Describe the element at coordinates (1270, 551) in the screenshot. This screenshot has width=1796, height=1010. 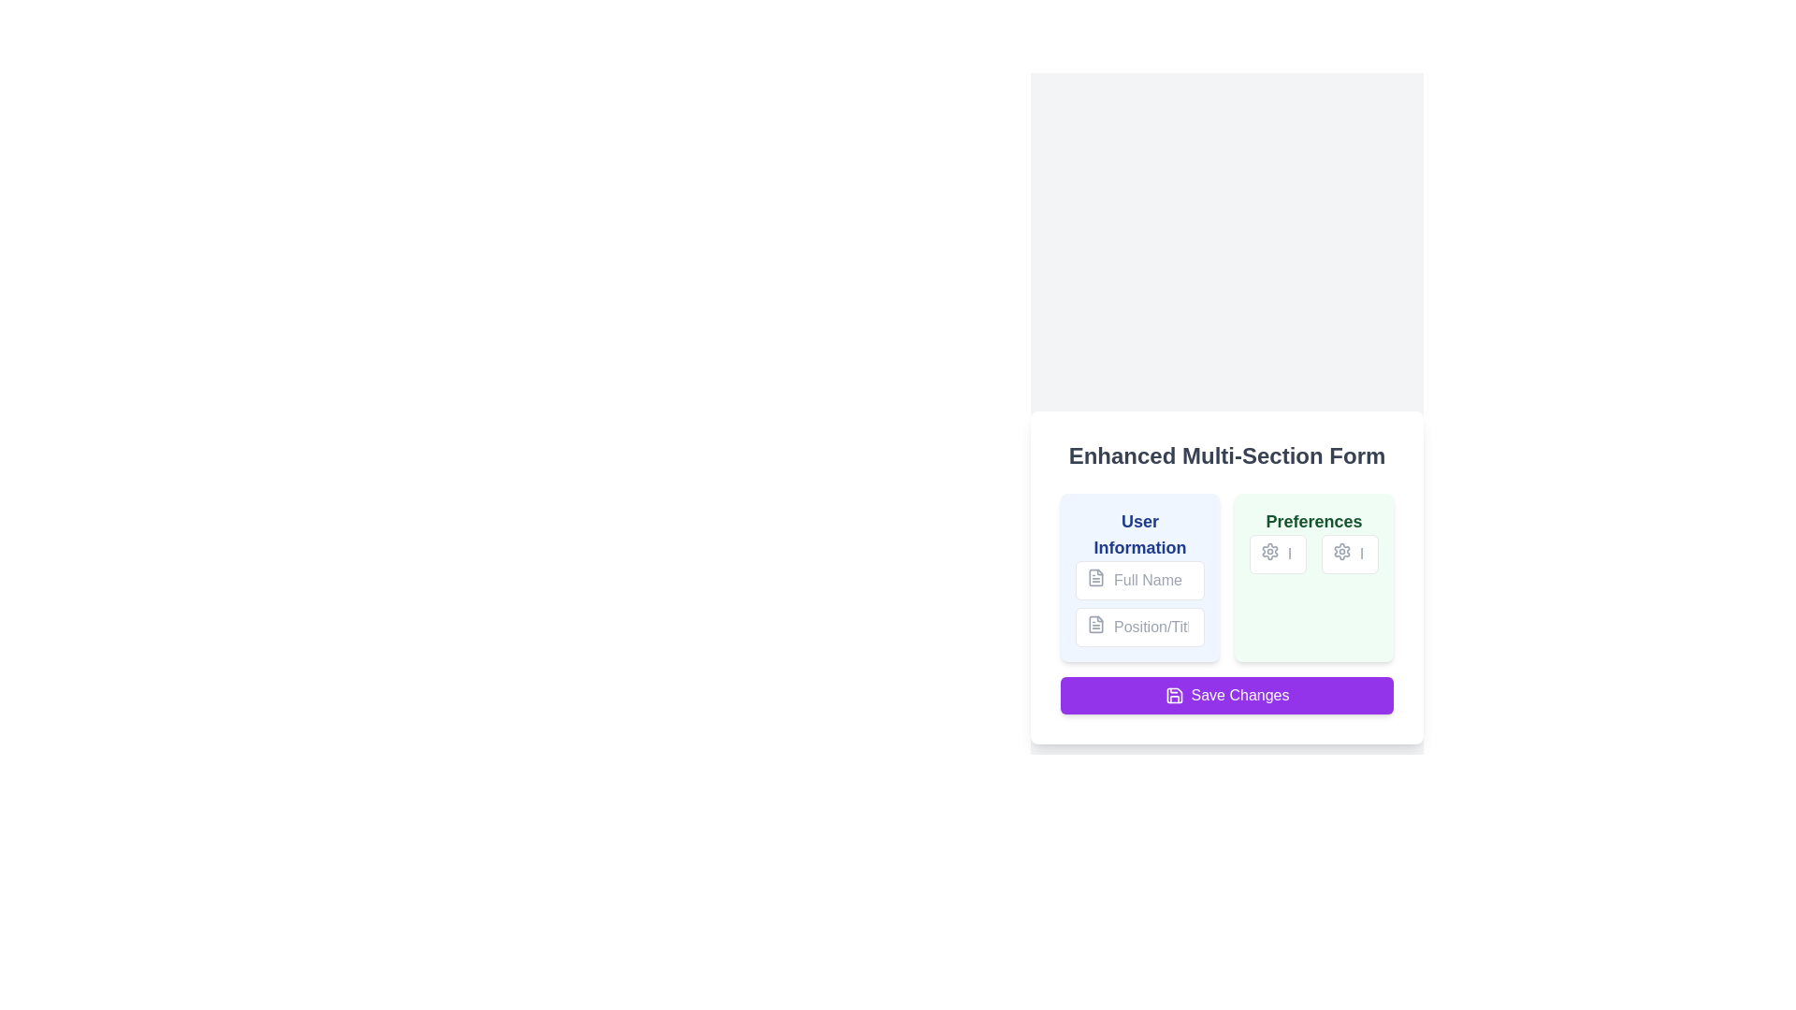
I see `the leftmost icon in the 'Preferences' section` at that location.